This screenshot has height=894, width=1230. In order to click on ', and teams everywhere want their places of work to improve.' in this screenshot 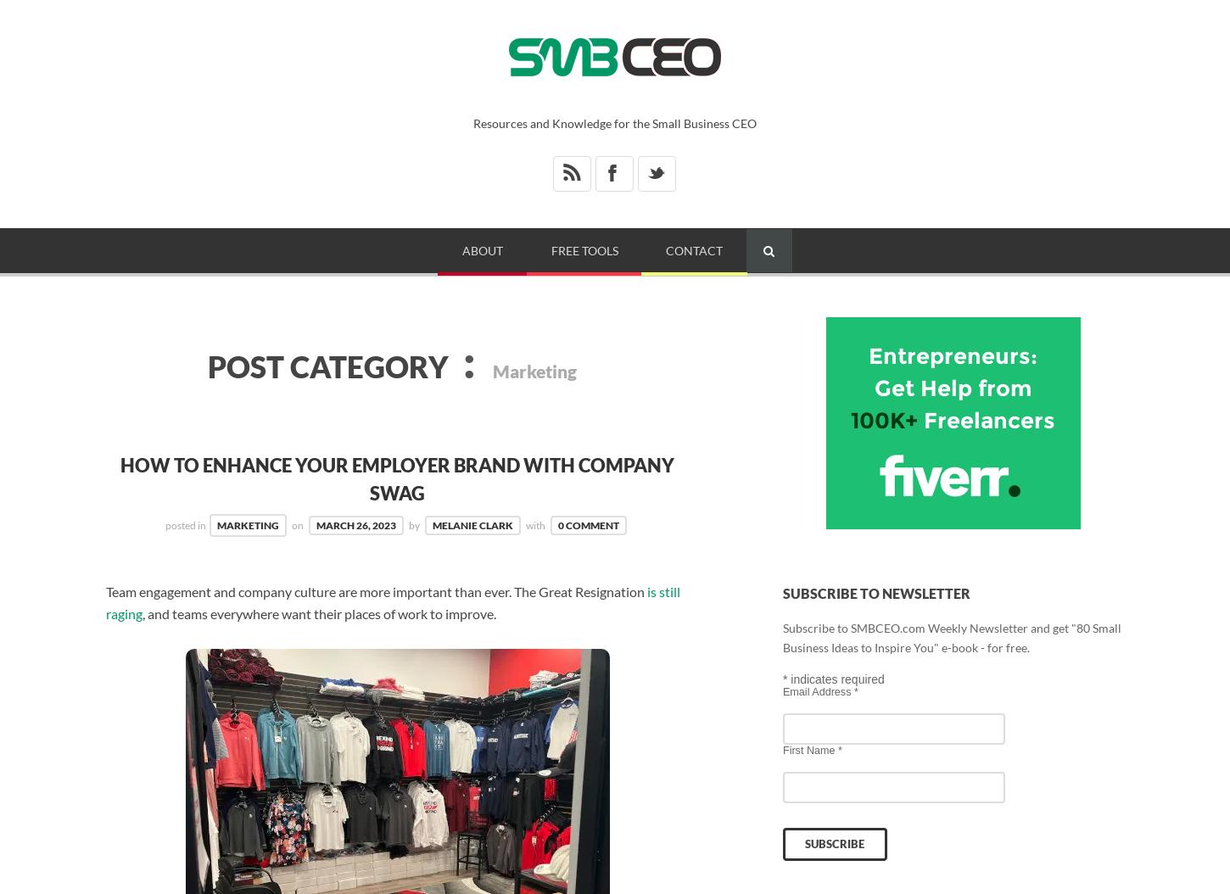, I will do `click(318, 612)`.